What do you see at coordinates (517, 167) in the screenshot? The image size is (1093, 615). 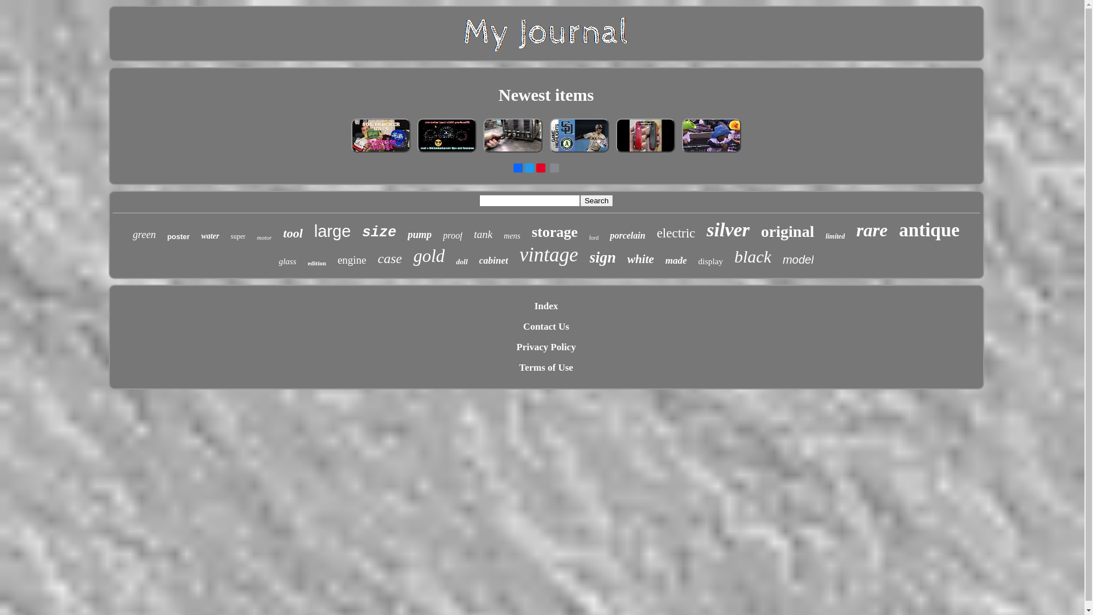 I see `'Facebook'` at bounding box center [517, 167].